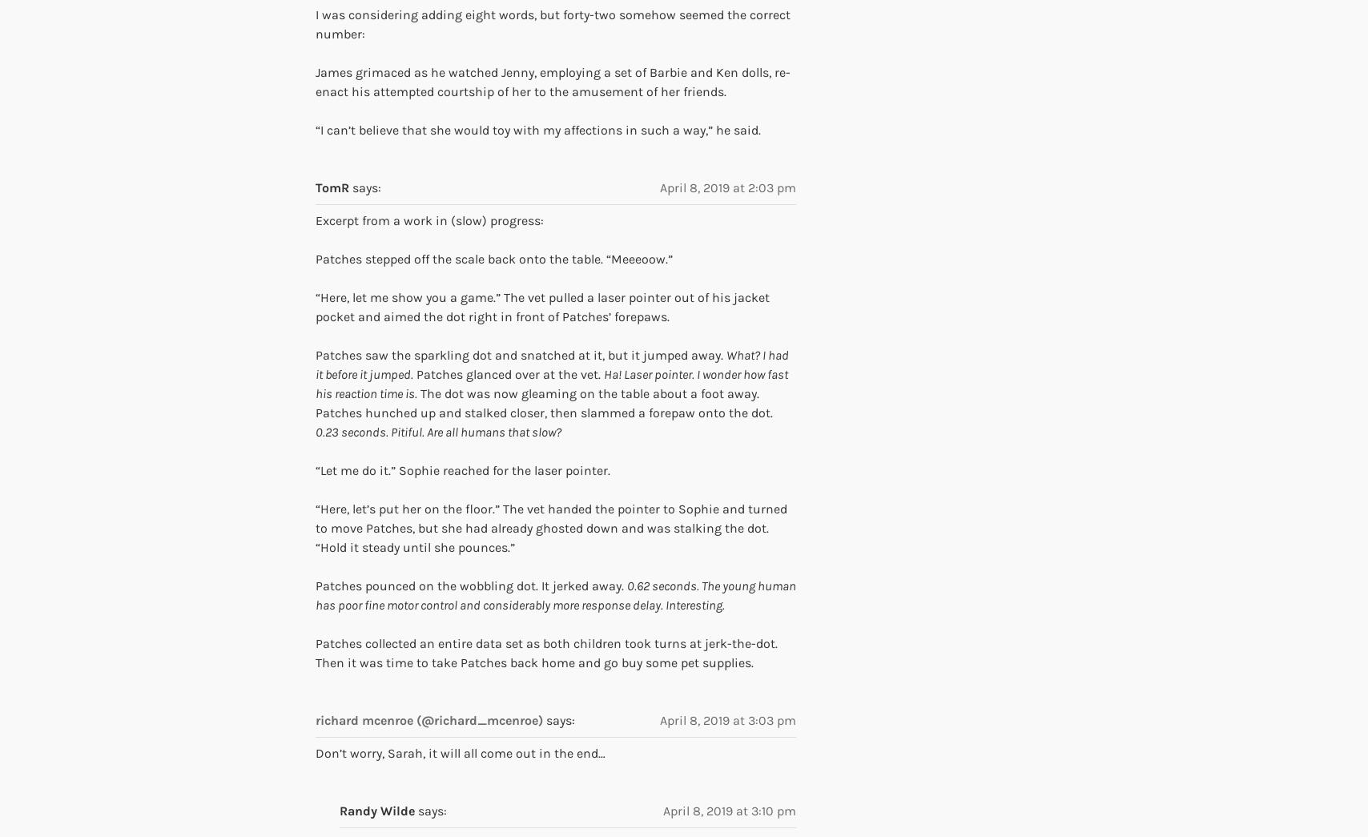 The image size is (1368, 837). What do you see at coordinates (521, 354) in the screenshot?
I see `'Patches saw the sparkling dot and snatched at it, but it jumped away.'` at bounding box center [521, 354].